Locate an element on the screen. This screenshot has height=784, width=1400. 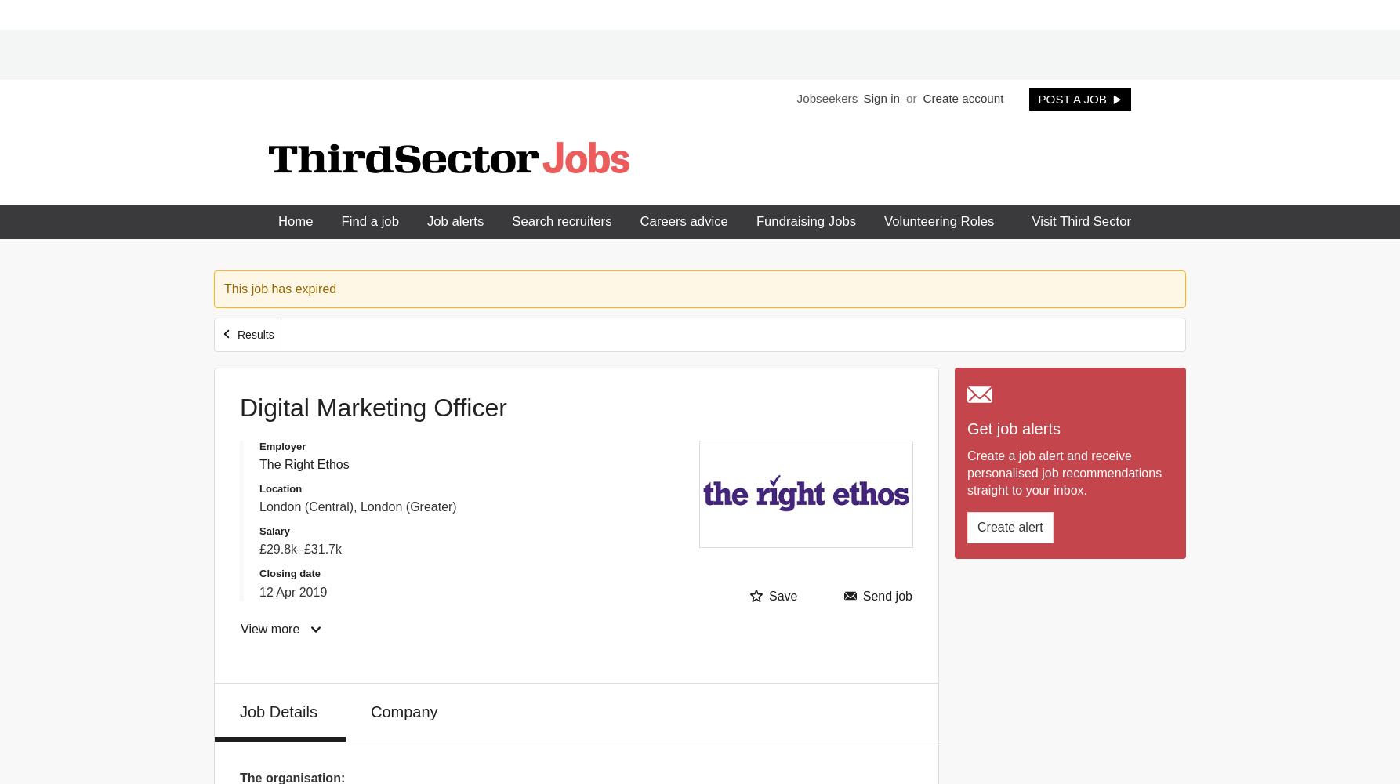
'12 Apr 2019' is located at coordinates (292, 591).